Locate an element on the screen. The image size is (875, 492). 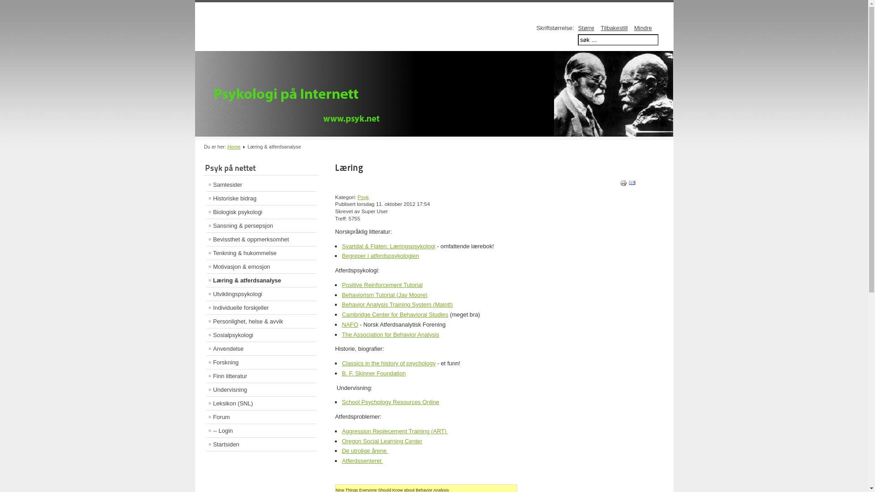
'Utskrift' is located at coordinates (619, 184).